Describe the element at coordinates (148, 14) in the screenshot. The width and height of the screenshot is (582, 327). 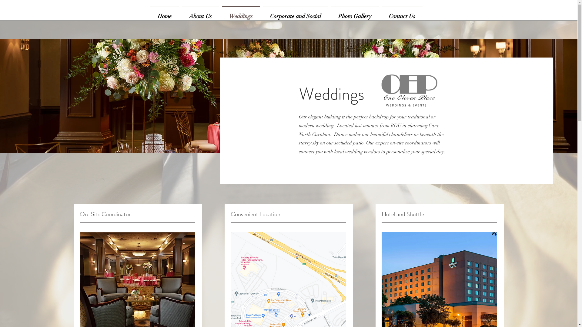
I see `'Home'` at that location.